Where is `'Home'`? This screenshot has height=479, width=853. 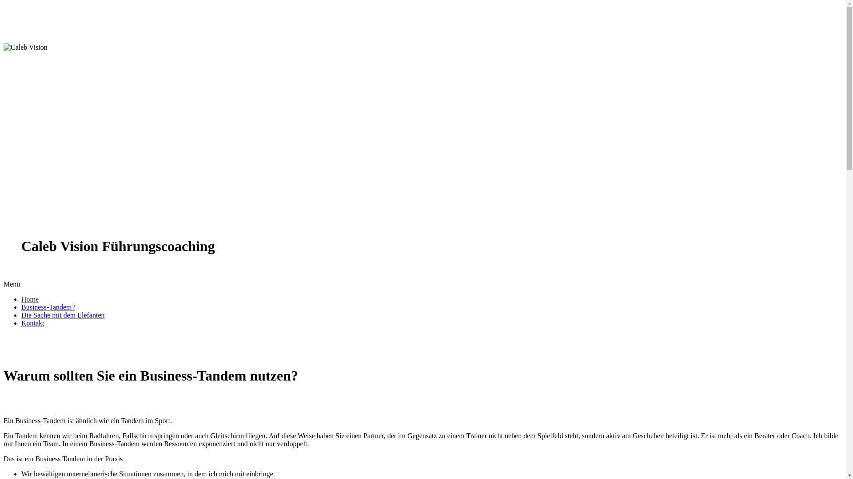
'Home' is located at coordinates (30, 299).